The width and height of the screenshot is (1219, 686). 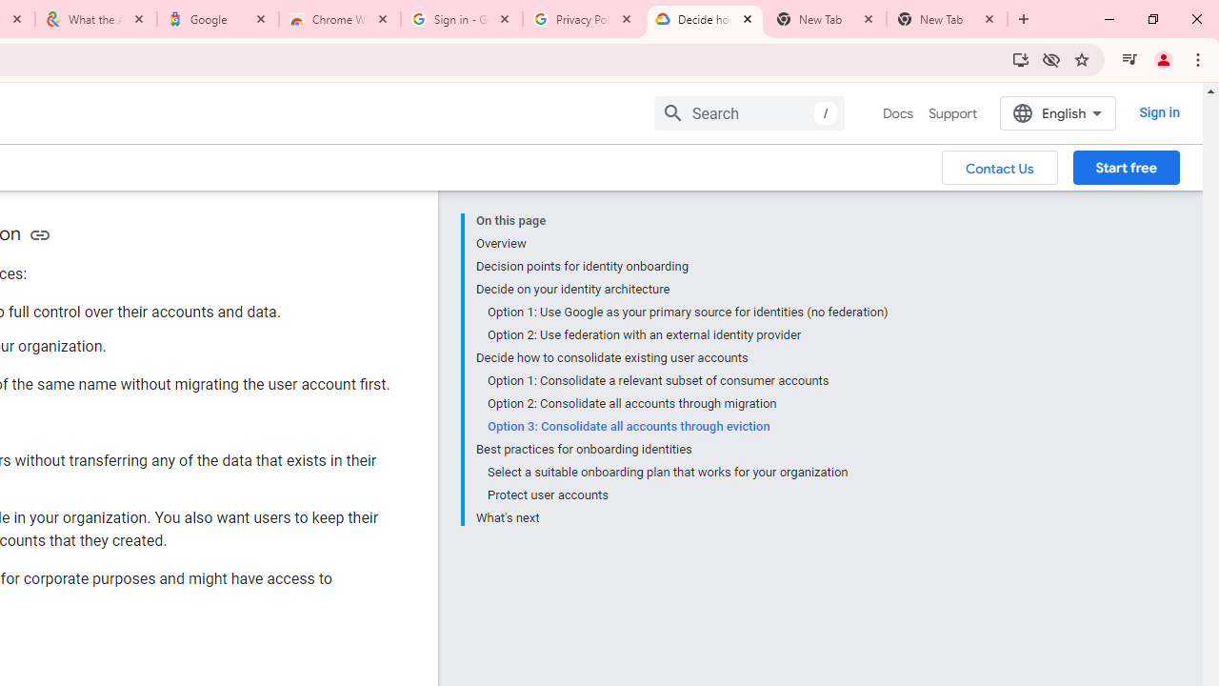 I want to click on 'Option 2: Use federation with an external identity provider', so click(x=686, y=334).